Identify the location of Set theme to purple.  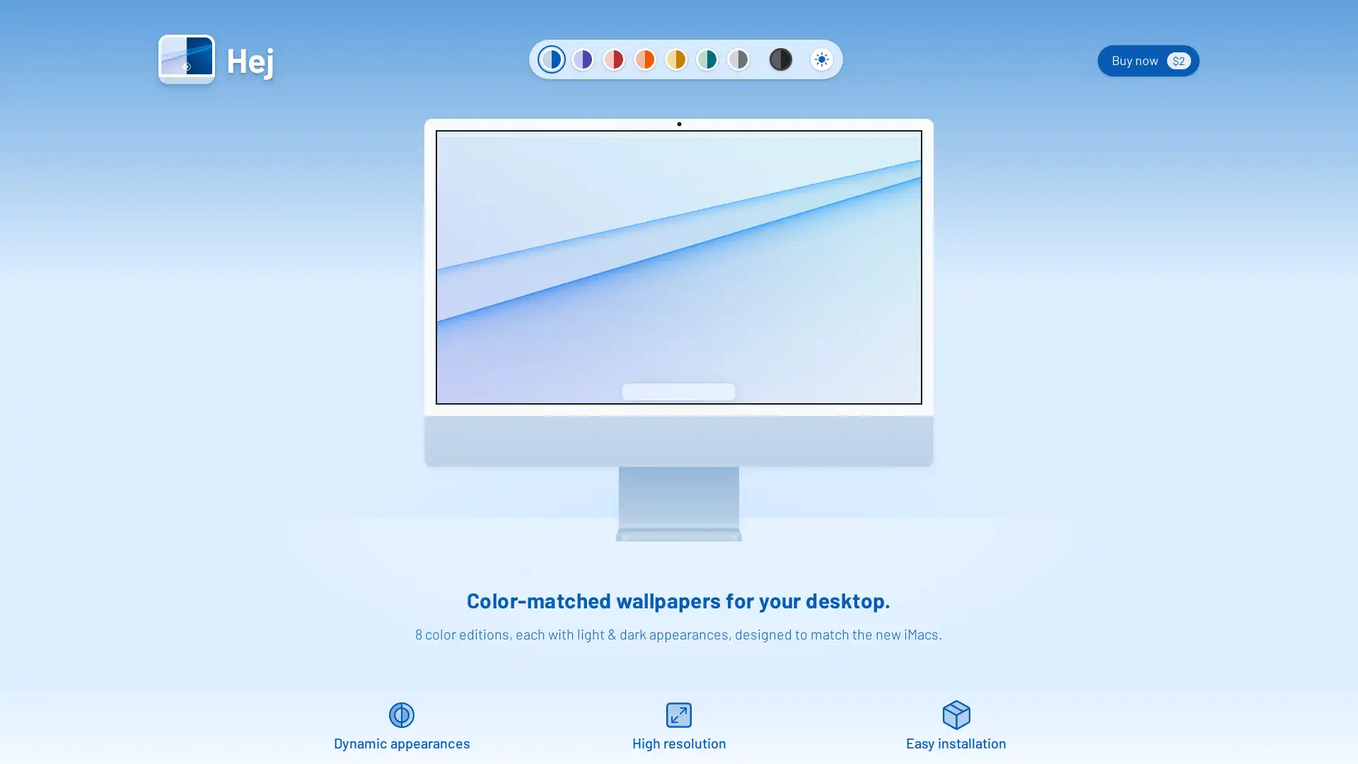
(583, 59).